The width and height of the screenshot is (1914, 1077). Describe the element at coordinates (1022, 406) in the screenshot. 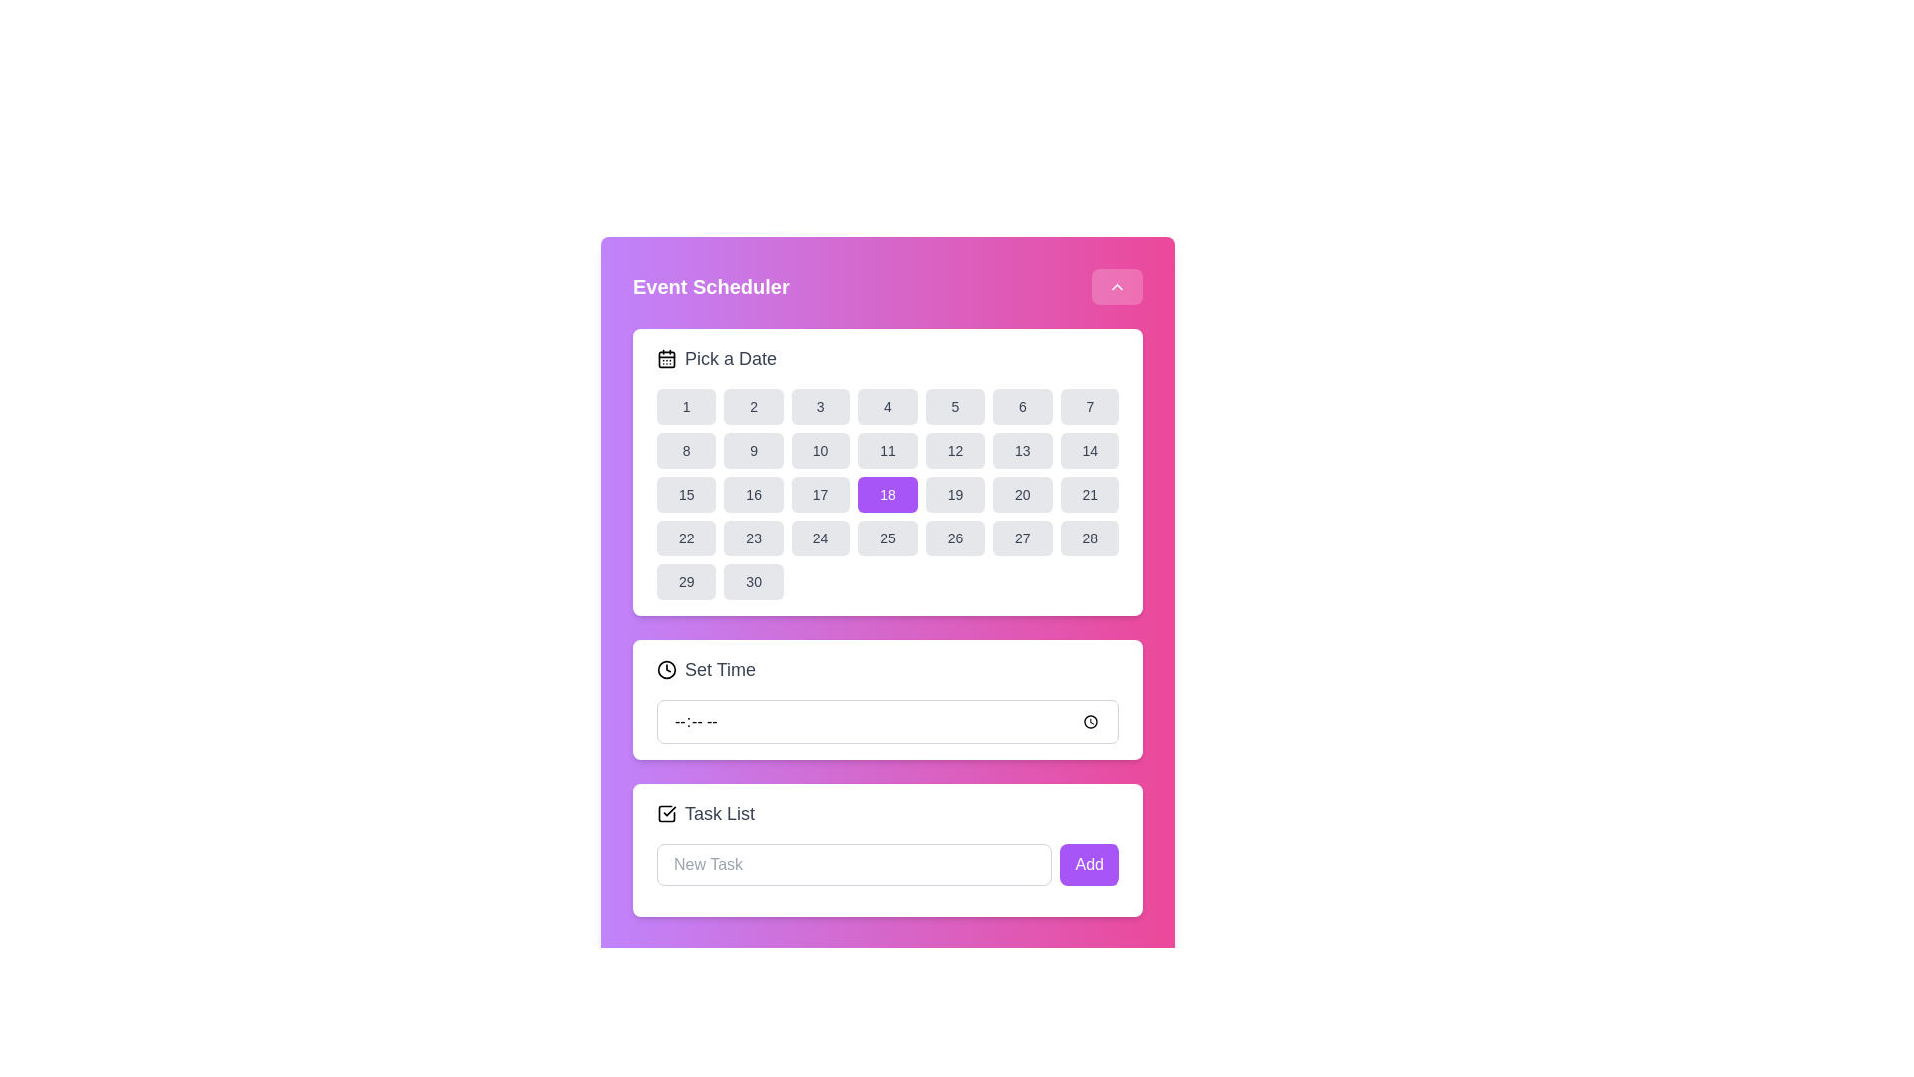

I see `the button in the calendar grid that represents the 6th day` at that location.